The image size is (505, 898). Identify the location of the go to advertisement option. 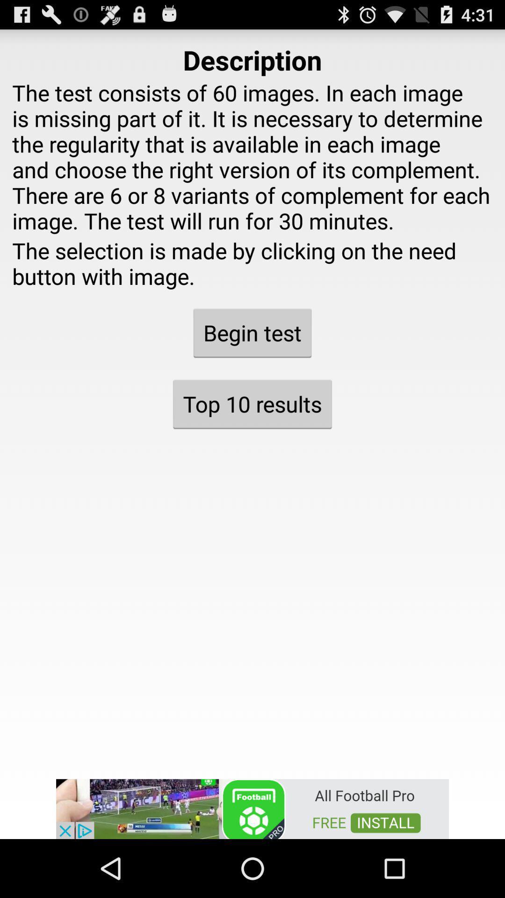
(252, 808).